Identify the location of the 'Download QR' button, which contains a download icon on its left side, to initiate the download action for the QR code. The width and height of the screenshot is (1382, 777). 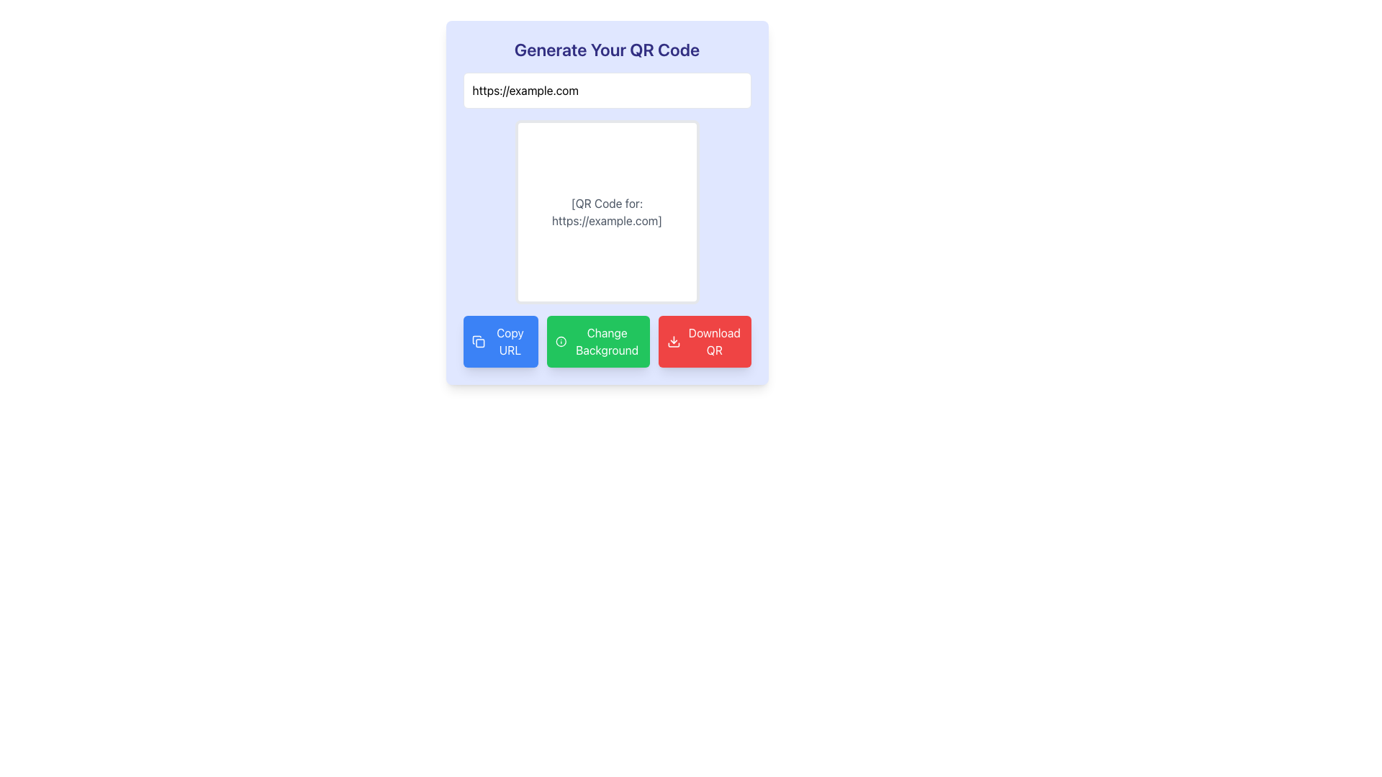
(673, 341).